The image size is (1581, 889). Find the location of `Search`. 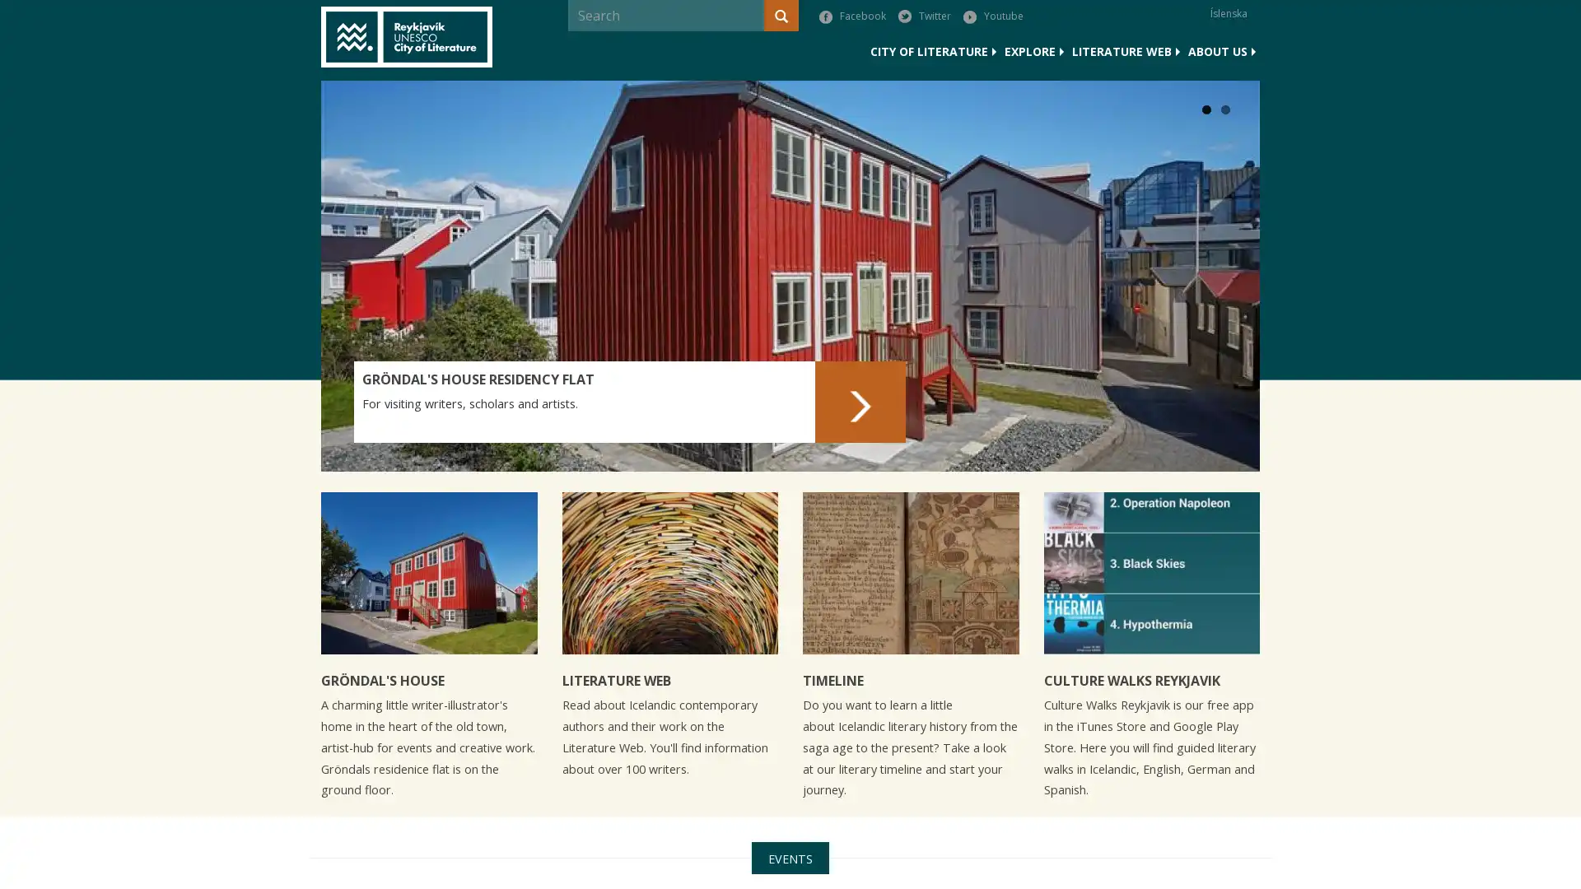

Search is located at coordinates (569, 46).